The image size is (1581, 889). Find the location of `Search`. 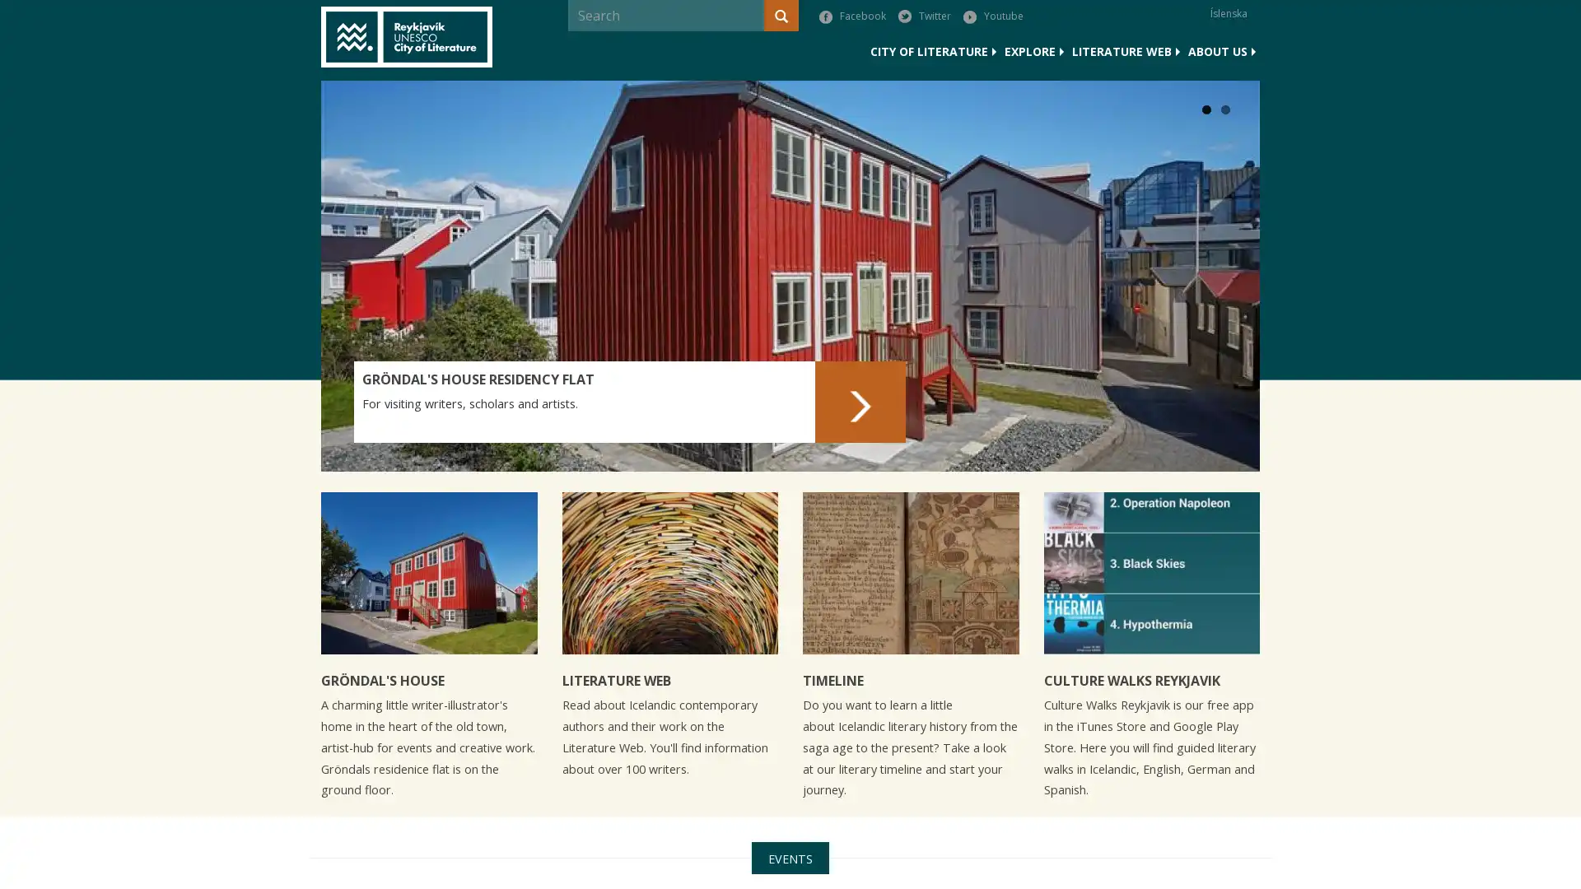

Search is located at coordinates (569, 46).